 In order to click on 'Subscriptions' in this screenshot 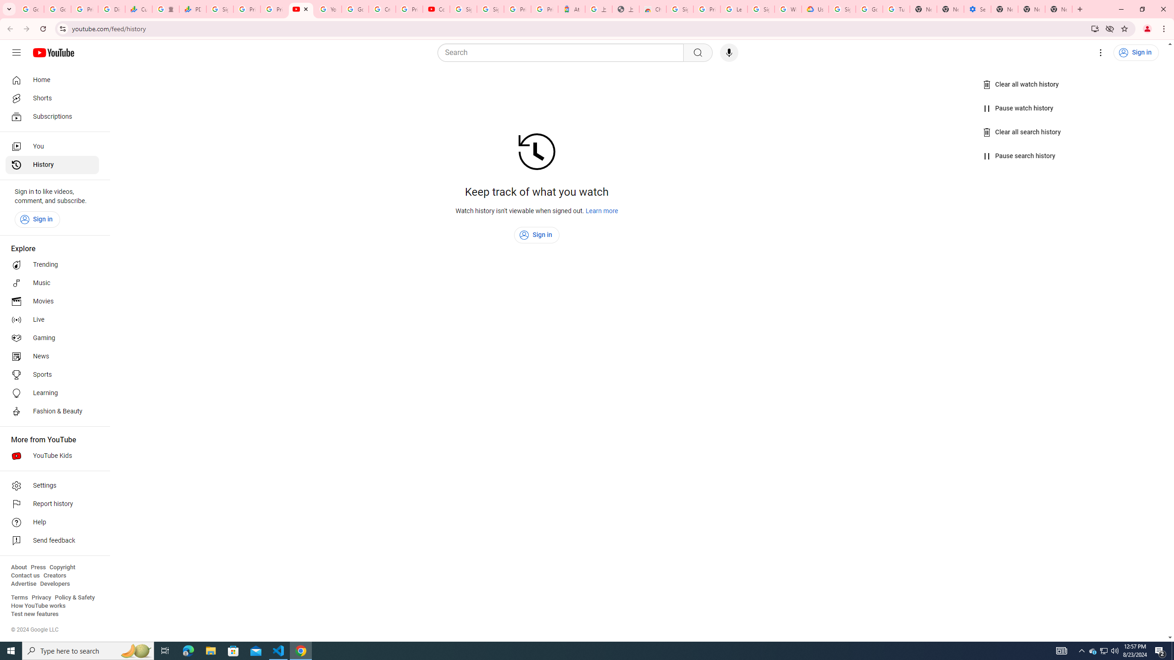, I will do `click(52, 116)`.